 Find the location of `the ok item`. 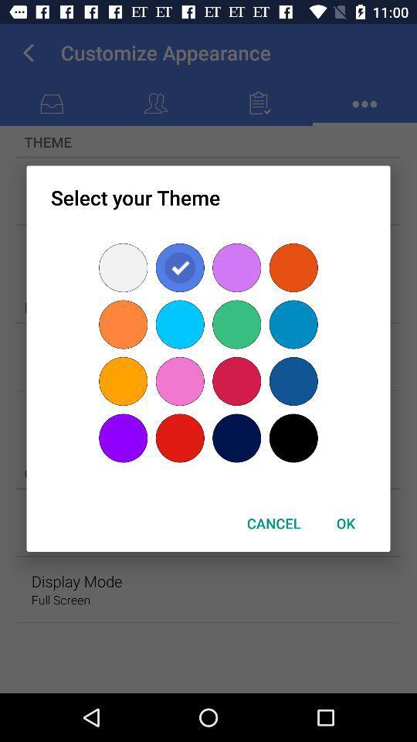

the ok item is located at coordinates (345, 523).